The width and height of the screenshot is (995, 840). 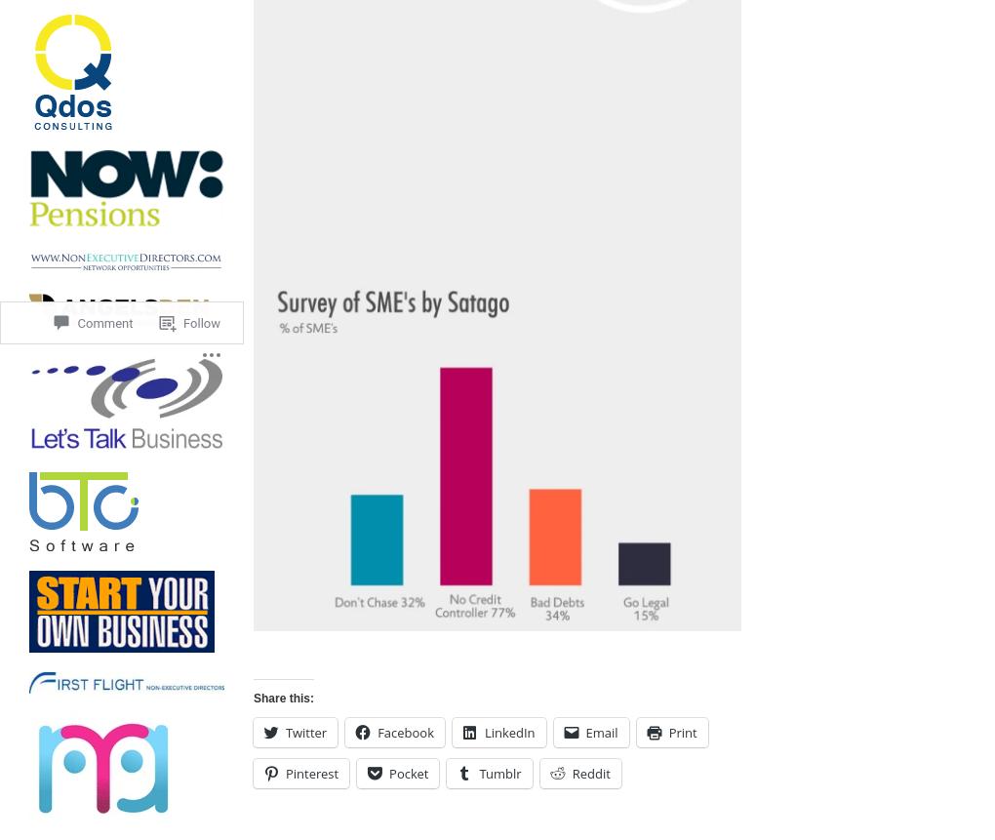 I want to click on 'Pinterest', so click(x=311, y=773).